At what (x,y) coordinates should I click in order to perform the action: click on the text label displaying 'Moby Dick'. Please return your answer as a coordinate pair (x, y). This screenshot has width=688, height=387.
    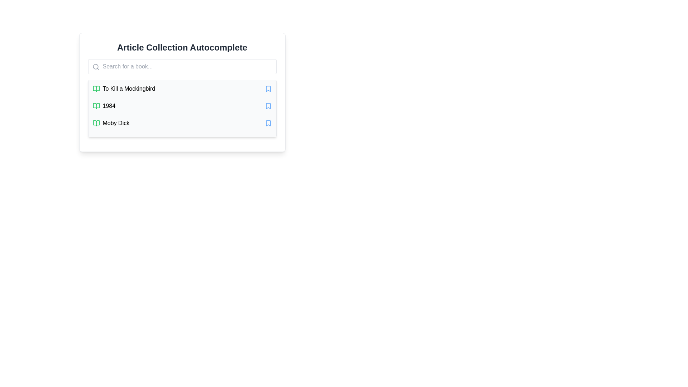
    Looking at the image, I should click on (116, 123).